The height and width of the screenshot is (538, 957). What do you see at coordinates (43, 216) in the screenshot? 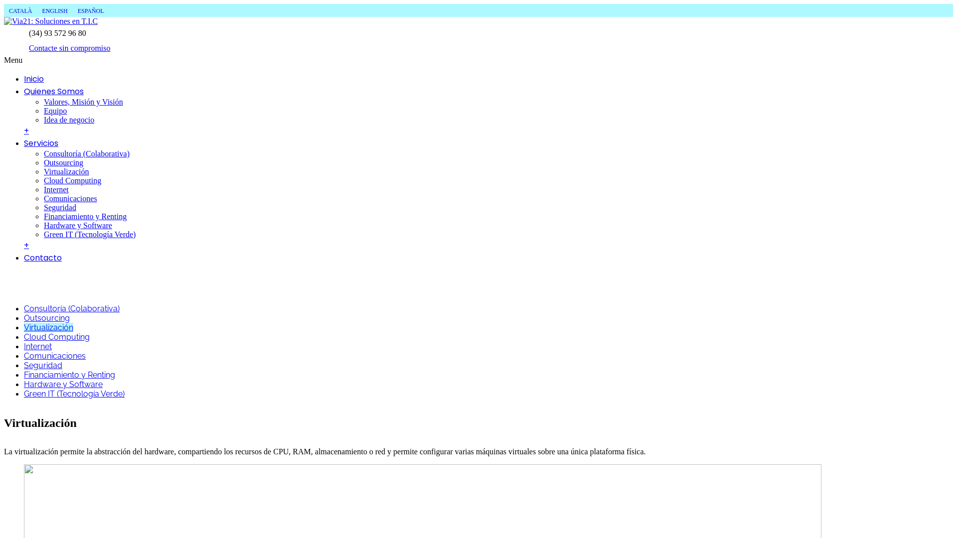
I see `'Financiamiento y Renting'` at bounding box center [43, 216].